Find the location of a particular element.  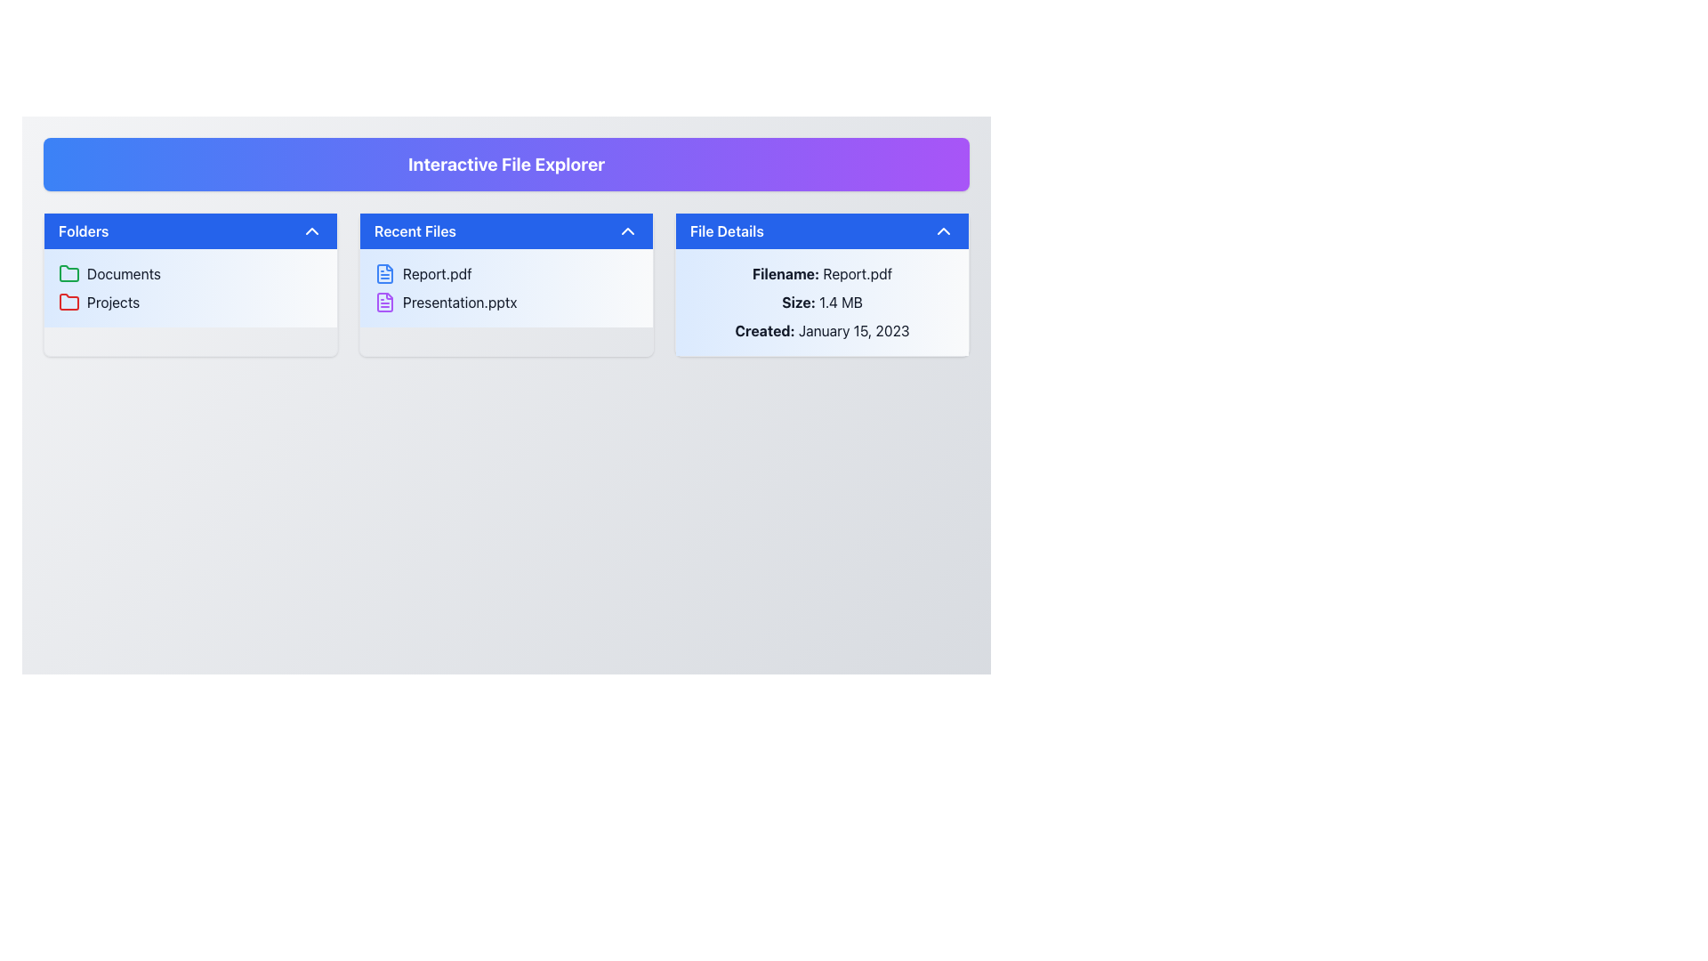

the text label or hyperlink 'Presentation.pptx' located is located at coordinates (460, 301).